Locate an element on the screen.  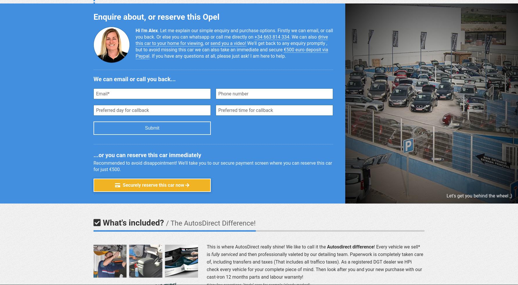
'and then pro­fes­sion­ally valeted by our de­tail­ing team. Pa­per­work is com­pletely taken care of, in­clud­ing trans­fers and taxes (That in­cludes all traf­fico taxes). As a re­gistered DGT dealer we HPi check every vehicle for your com­plete piece of mind. Then look after you and your new pur­chase with our cast-iron 12 months parts and la­bour war­ranty!' is located at coordinates (206, 265).